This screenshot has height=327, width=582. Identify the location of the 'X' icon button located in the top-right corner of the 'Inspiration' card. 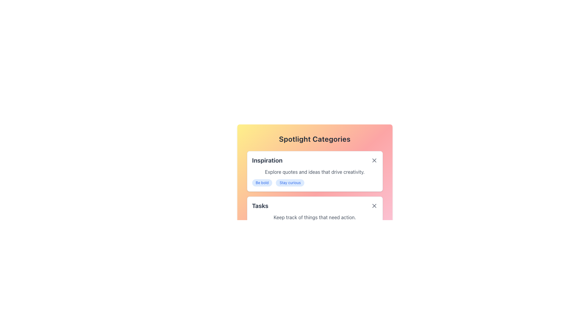
(374, 160).